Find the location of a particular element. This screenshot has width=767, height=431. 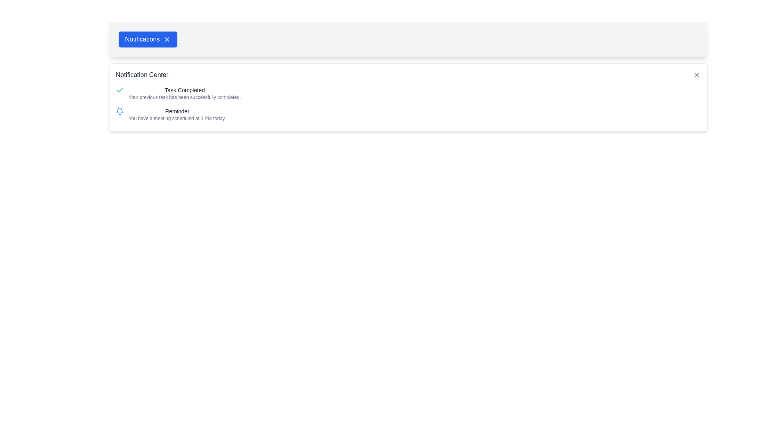

the 'Reminder' text label, which is a small font title in gray color within the notification area, indicating a meeting schedule is located at coordinates (177, 111).